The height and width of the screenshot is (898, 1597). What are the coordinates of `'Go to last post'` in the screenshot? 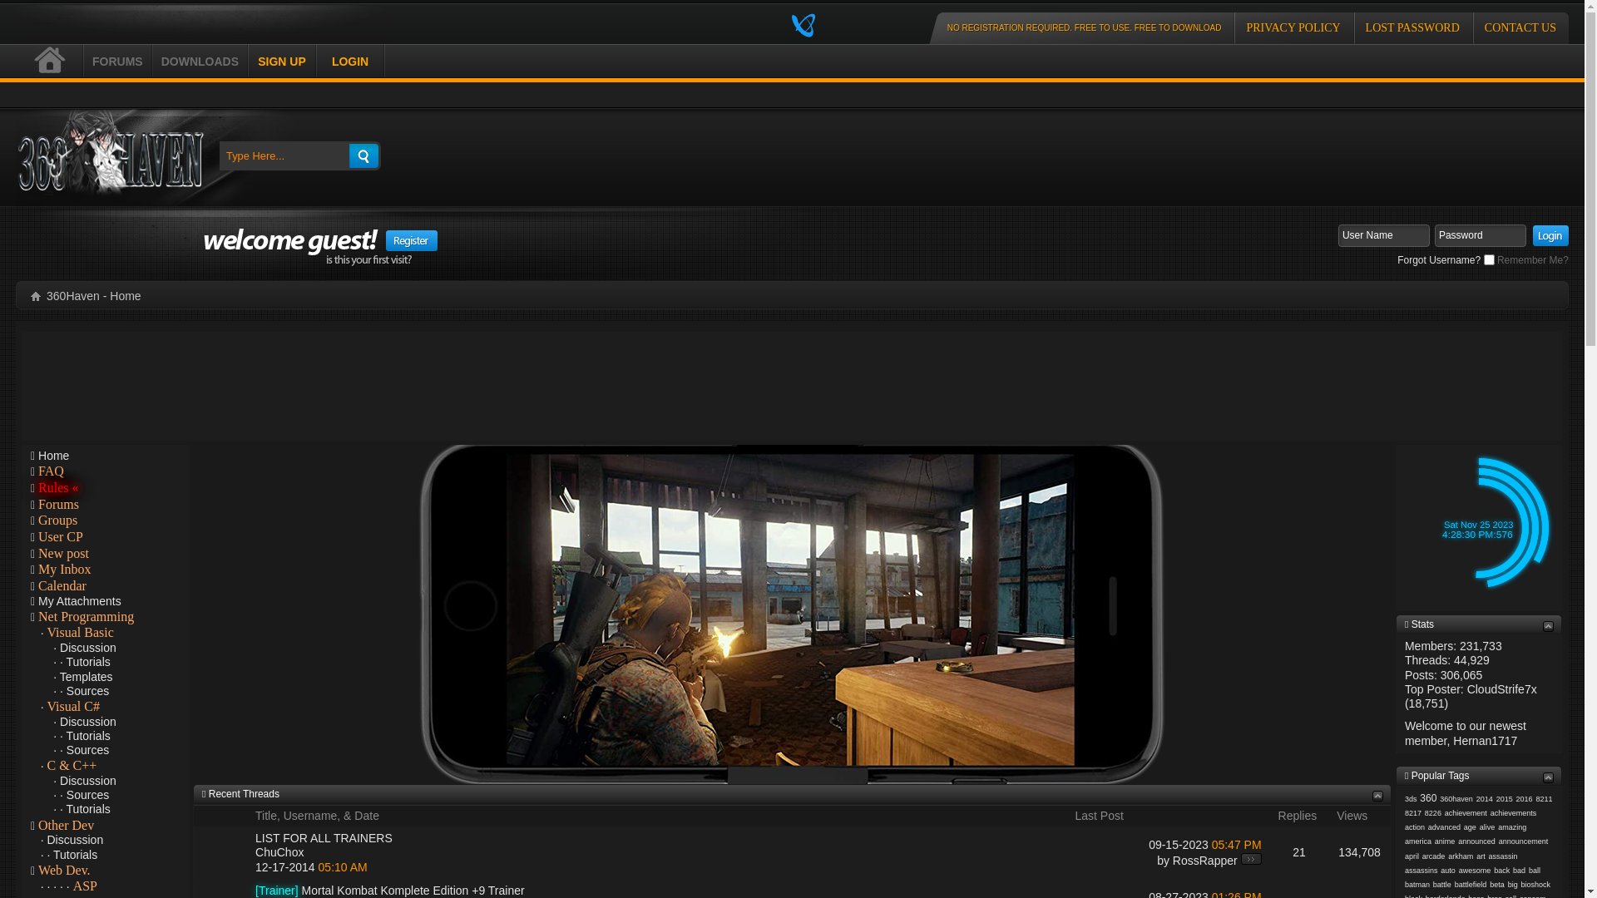 It's located at (1241, 859).